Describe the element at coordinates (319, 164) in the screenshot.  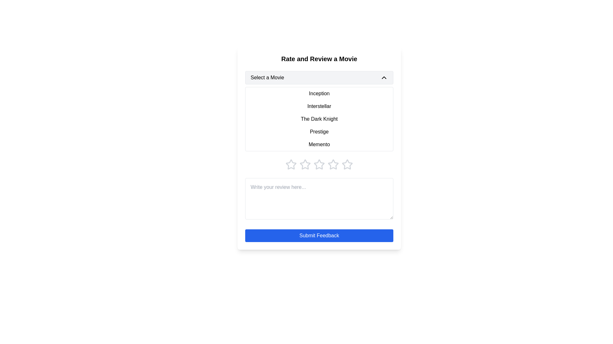
I see `keyboard navigation` at that location.